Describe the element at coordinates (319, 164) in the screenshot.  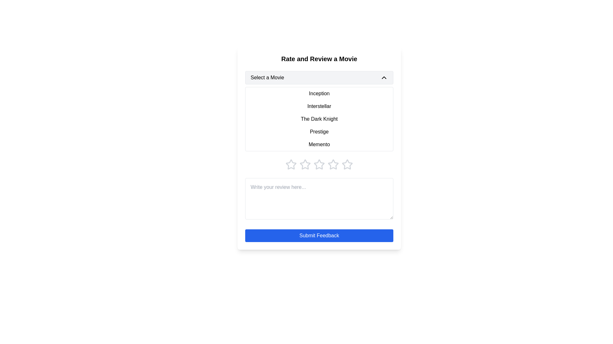
I see `keyboard navigation` at that location.